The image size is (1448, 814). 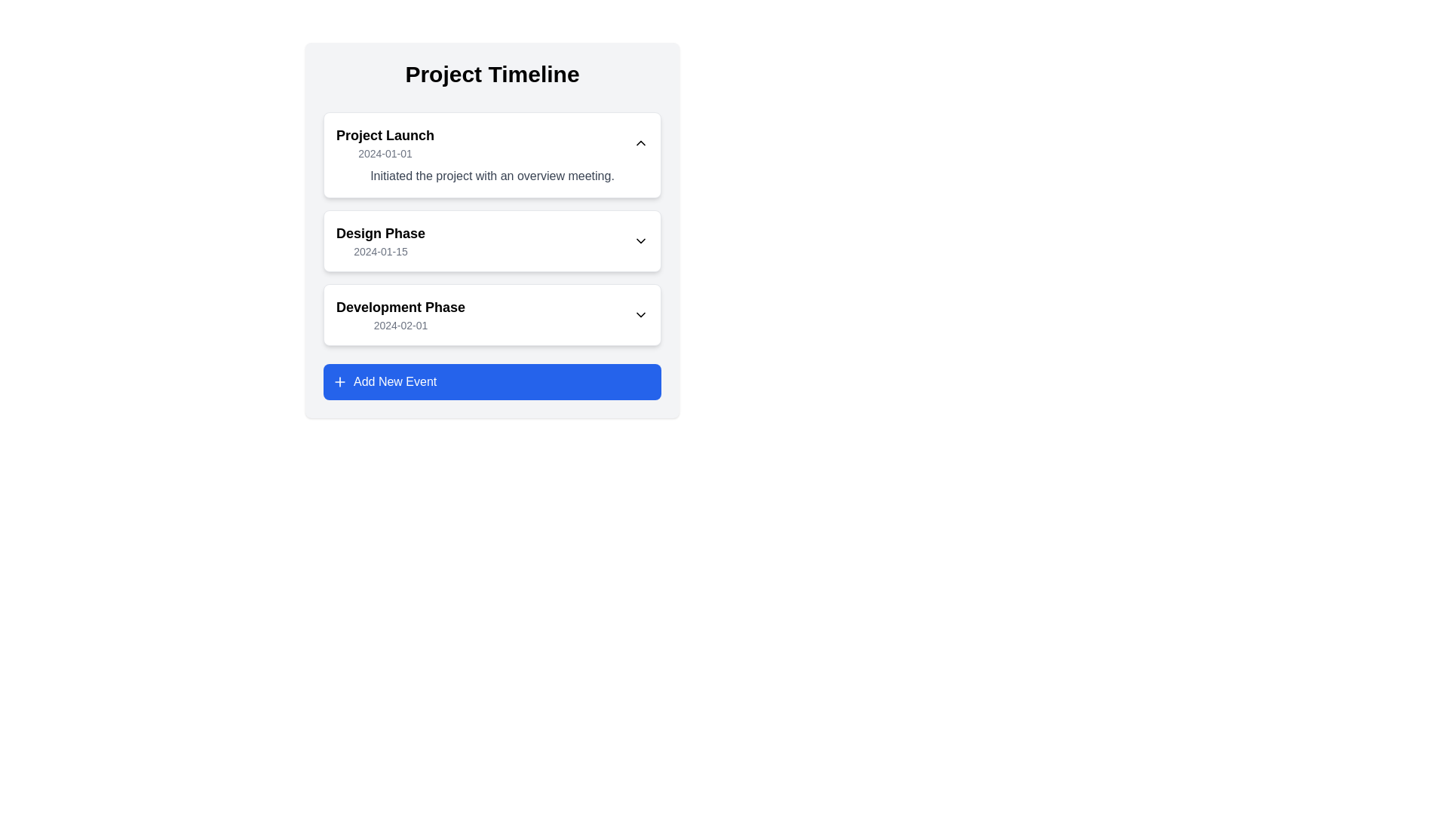 I want to click on the 'Project Launch' text display element, which features a title in bold and a date in gray, located in the topmost card of the 'Project Timeline' section, so click(x=385, y=142).